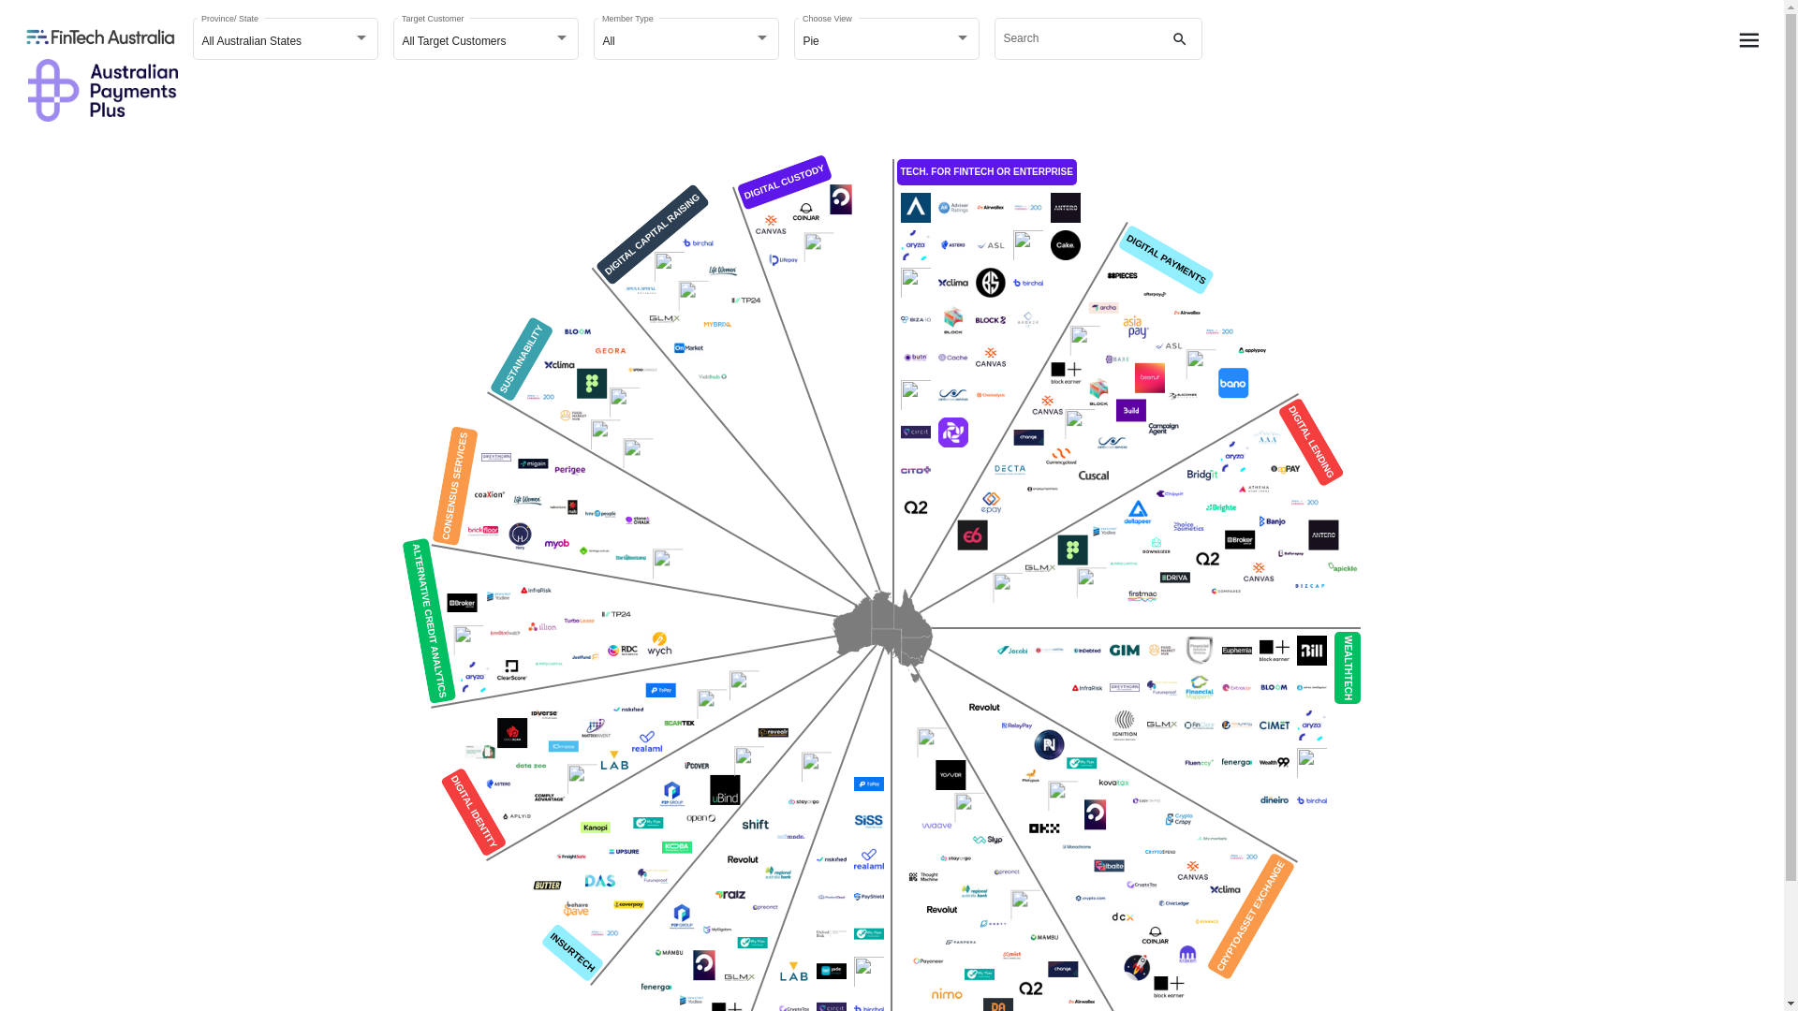 The image size is (1798, 1011). Describe the element at coordinates (640, 291) in the screenshot. I see `'Apex Capital Partner'` at that location.